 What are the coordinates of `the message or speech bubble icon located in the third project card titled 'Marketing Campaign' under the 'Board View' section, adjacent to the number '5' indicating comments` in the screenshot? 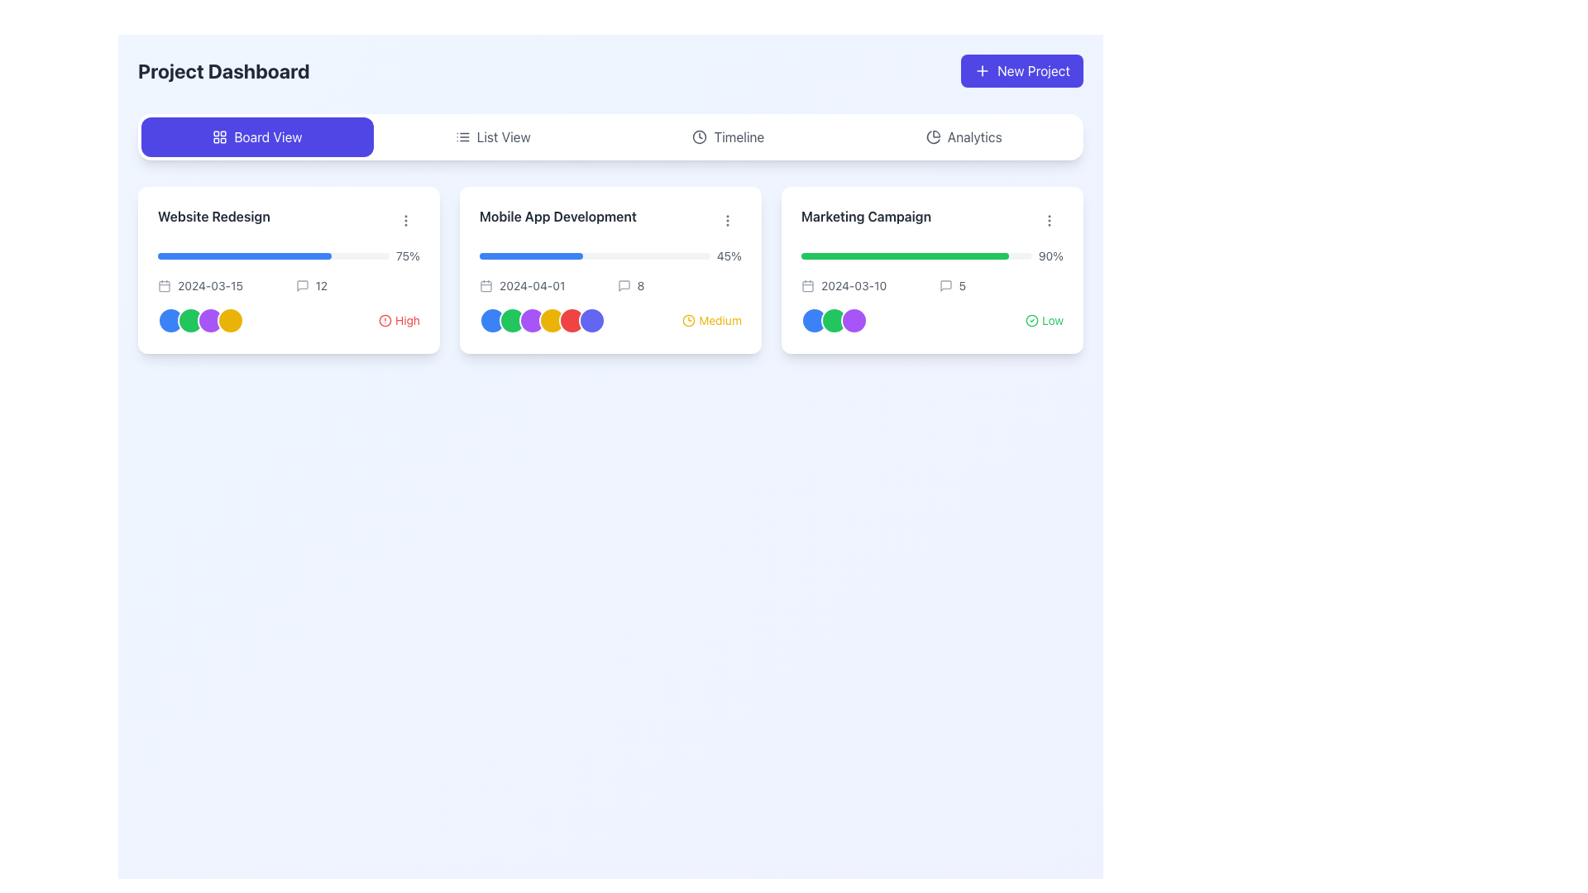 It's located at (945, 285).